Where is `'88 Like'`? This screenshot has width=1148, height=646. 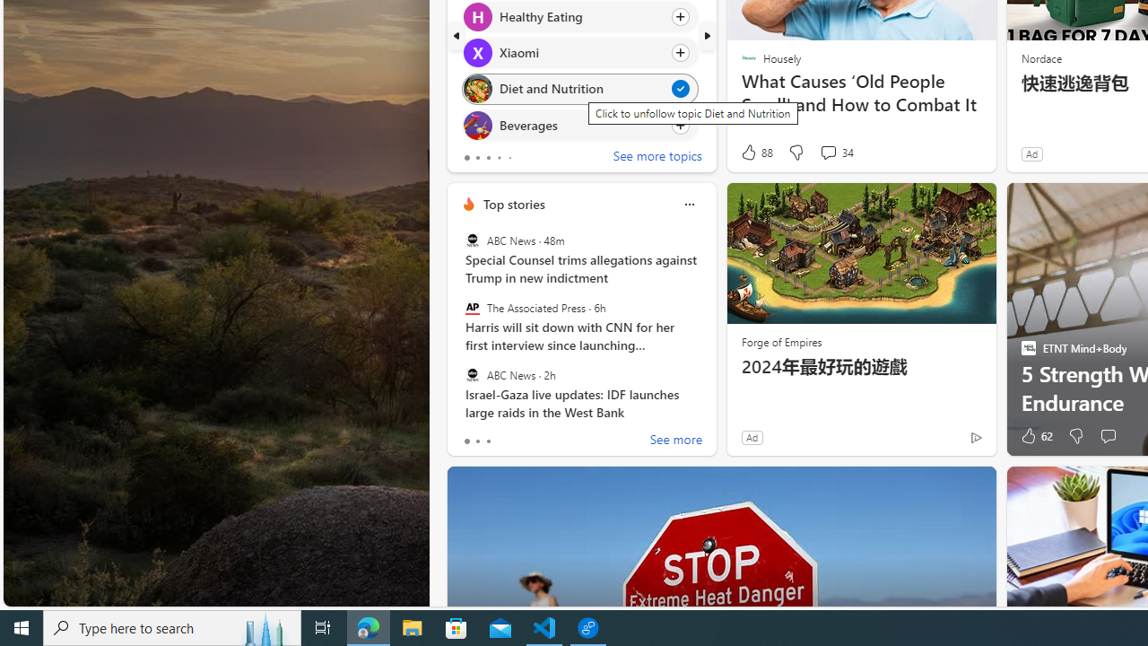
'88 Like' is located at coordinates (756, 152).